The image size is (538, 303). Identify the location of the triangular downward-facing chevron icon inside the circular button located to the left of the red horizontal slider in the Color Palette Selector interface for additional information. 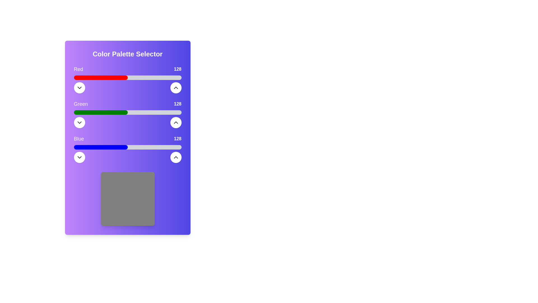
(79, 88).